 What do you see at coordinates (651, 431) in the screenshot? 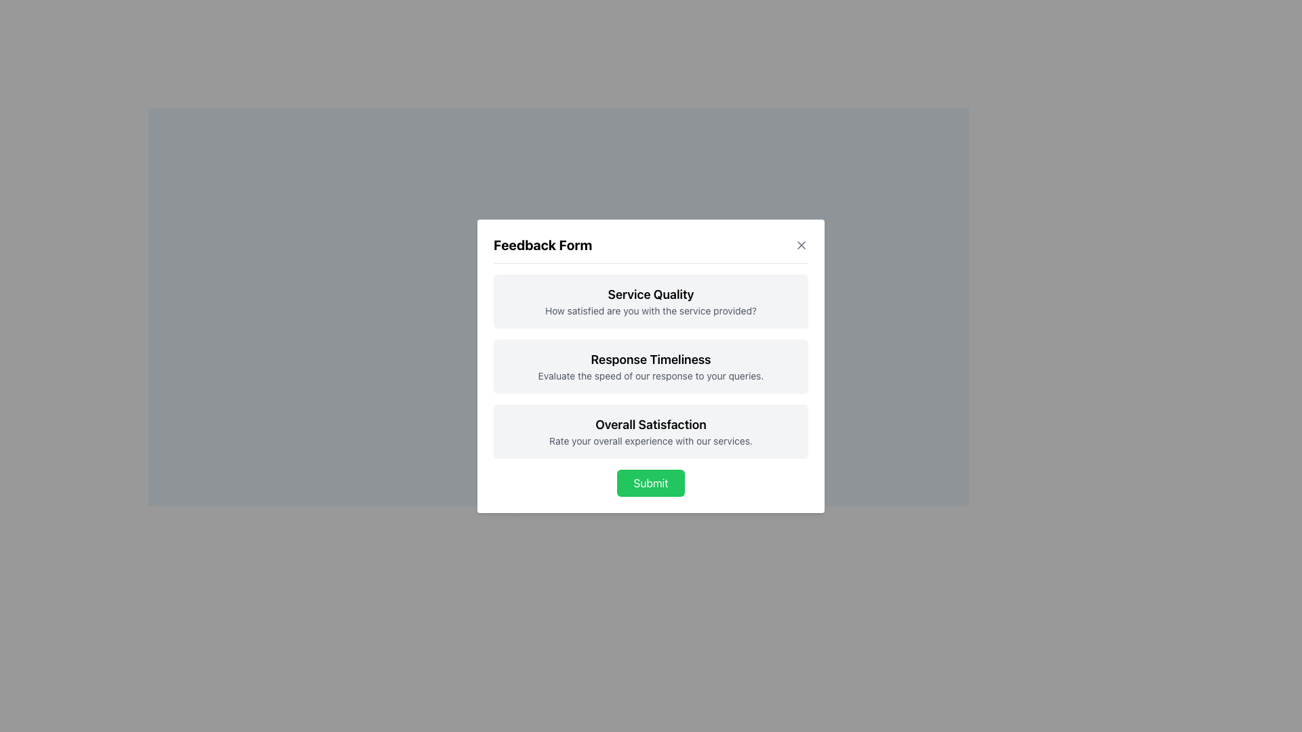
I see `title 'Overall Satisfaction' and the description 'Rate your overall experience with our services.' from the Informational Section with a light gray background and rounded corners` at bounding box center [651, 431].